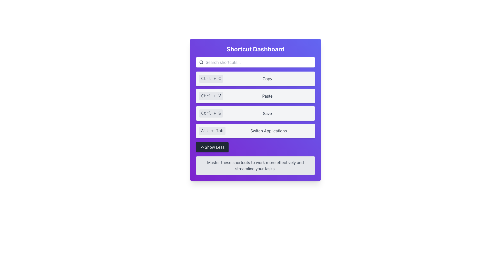 The image size is (492, 276). I want to click on the upward action icon located on the left side of the 'Show Less' button, so click(202, 147).